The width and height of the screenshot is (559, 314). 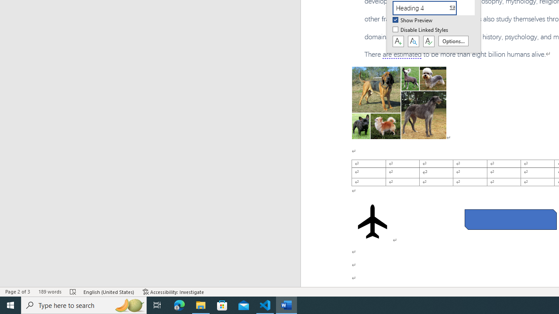 I want to click on 'Visual Studio Code - 1 running window', so click(x=265, y=304).